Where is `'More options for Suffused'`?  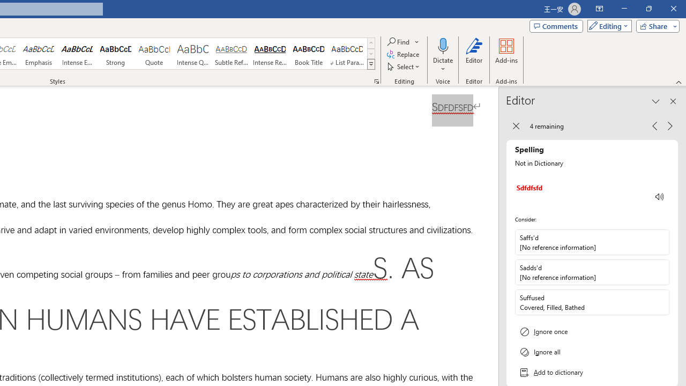
'More options for Suffused' is located at coordinates (660, 302).